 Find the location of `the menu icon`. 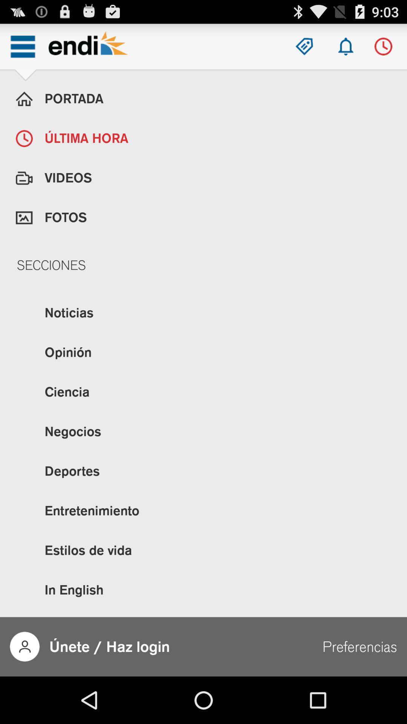

the menu icon is located at coordinates (22, 49).